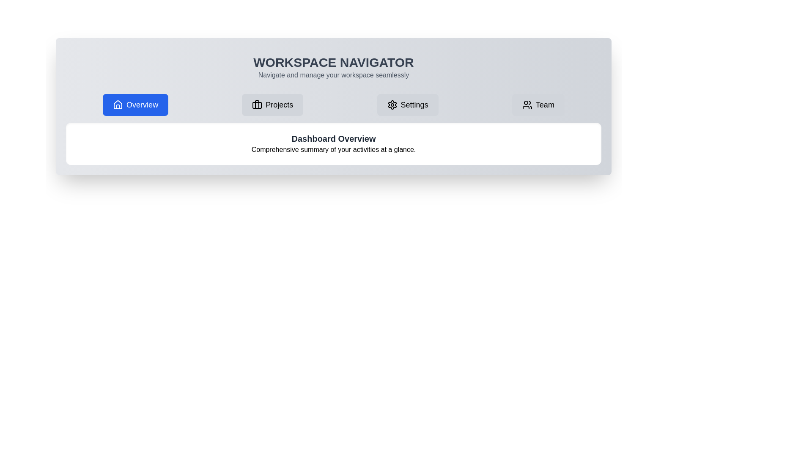  Describe the element at coordinates (392, 104) in the screenshot. I see `the cogwheel icon located on the left side of the 'Settings' button` at that location.